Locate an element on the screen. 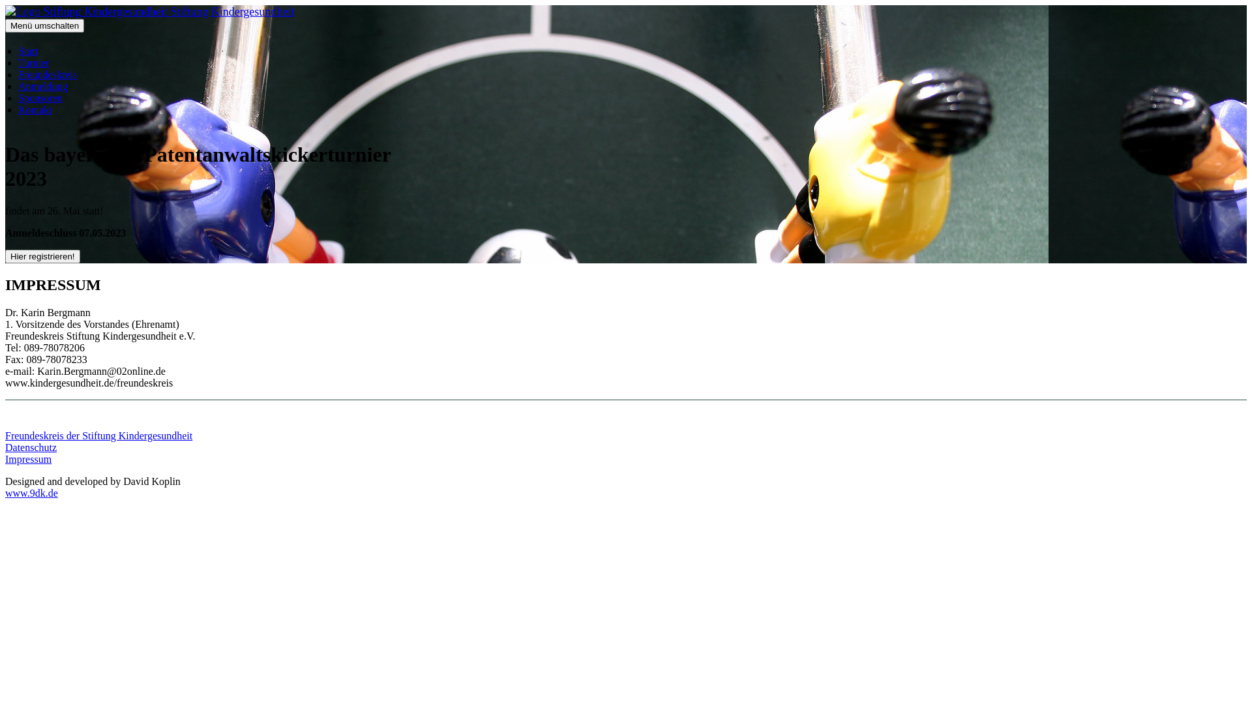  'Kontakt' is located at coordinates (35, 109).